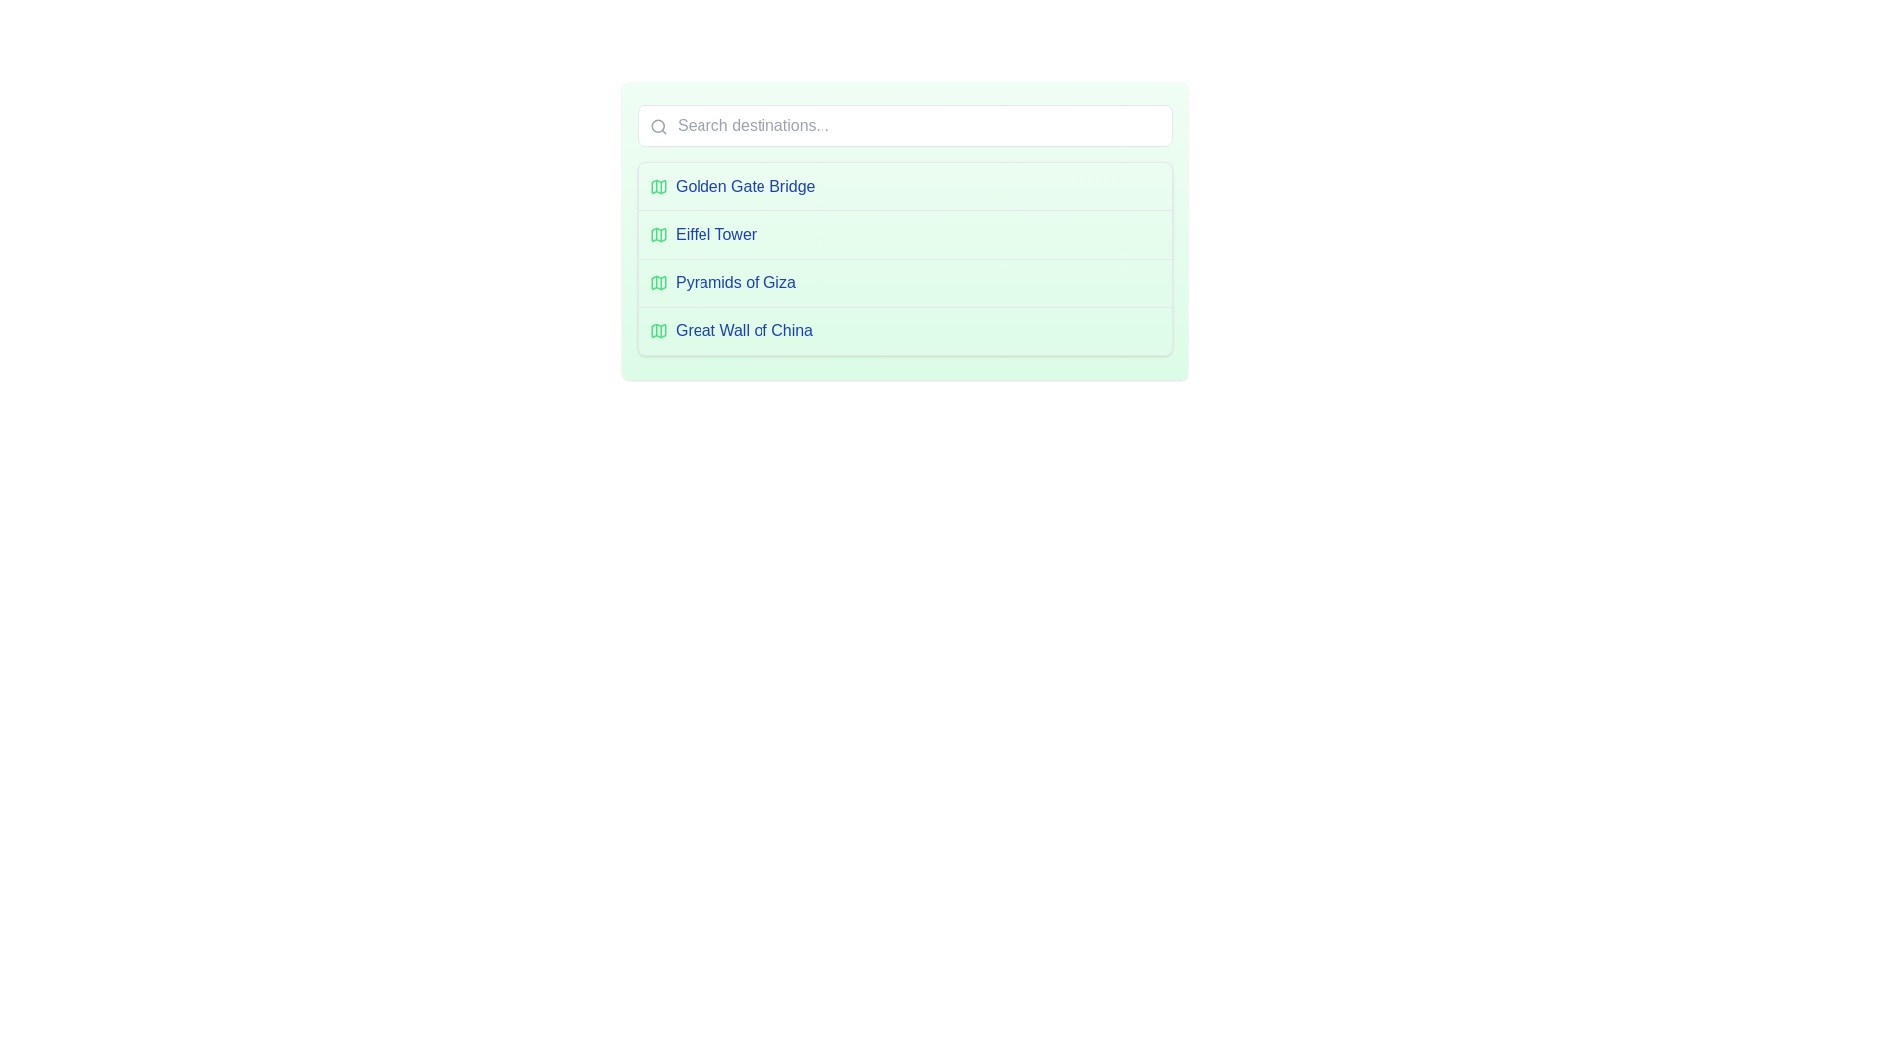 The image size is (1889, 1062). I want to click on the first list item representing the Golden Gate Bridge destination, so click(904, 186).